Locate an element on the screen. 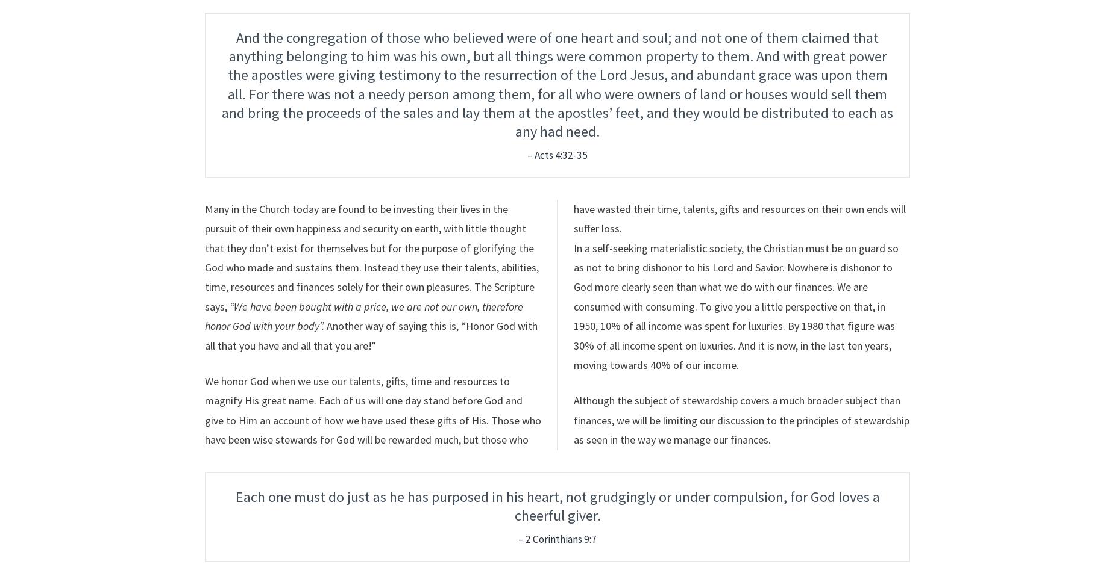 The height and width of the screenshot is (573, 1115). 'Another way of saying this is, “Honor God with all that you have and all that you are!”' is located at coordinates (371, 335).